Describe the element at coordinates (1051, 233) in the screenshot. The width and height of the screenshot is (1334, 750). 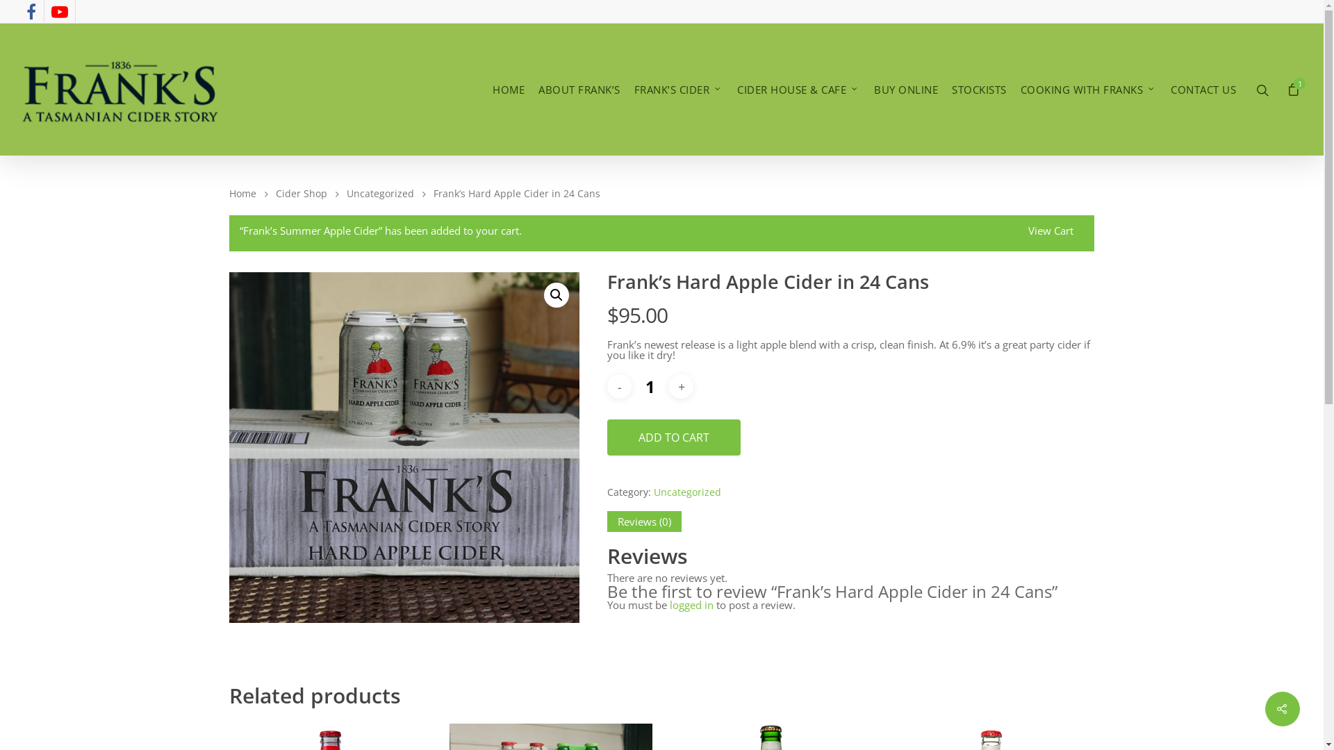
I see `'View Cart'` at that location.